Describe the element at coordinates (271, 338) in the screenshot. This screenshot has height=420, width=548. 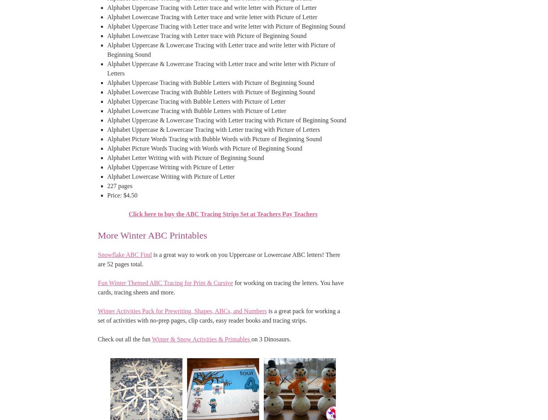
I see `'on 3 Dinosaurs.'` at that location.